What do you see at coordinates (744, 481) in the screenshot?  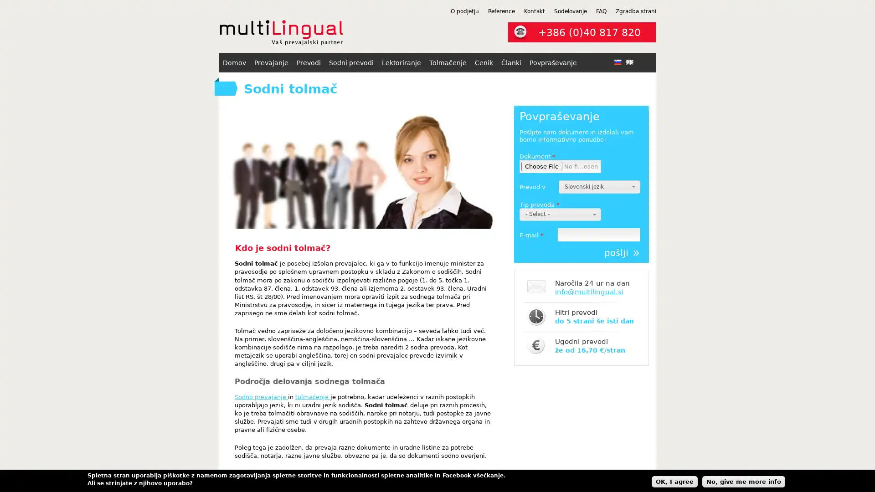 I see `No, give me more info` at bounding box center [744, 481].